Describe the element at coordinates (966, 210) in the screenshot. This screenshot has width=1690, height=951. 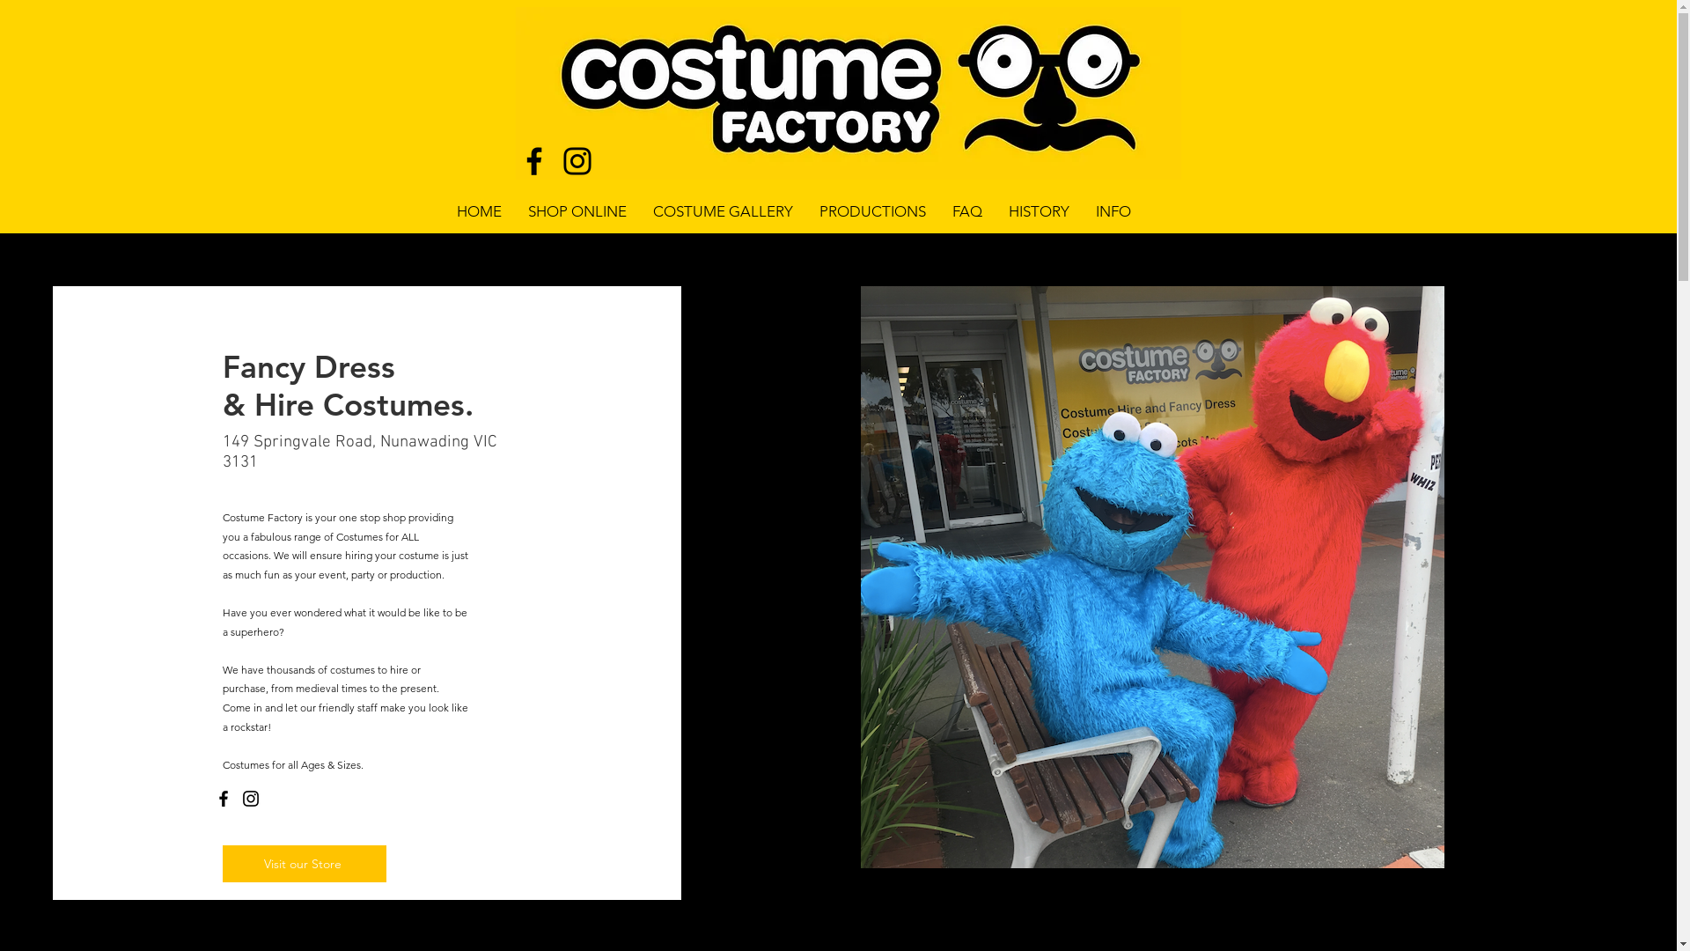
I see `'FAQ'` at that location.